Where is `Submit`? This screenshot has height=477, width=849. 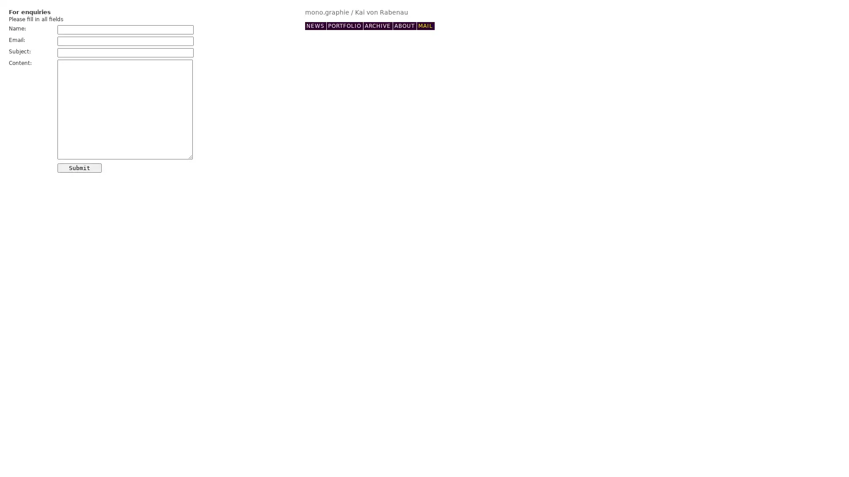
Submit is located at coordinates (80, 168).